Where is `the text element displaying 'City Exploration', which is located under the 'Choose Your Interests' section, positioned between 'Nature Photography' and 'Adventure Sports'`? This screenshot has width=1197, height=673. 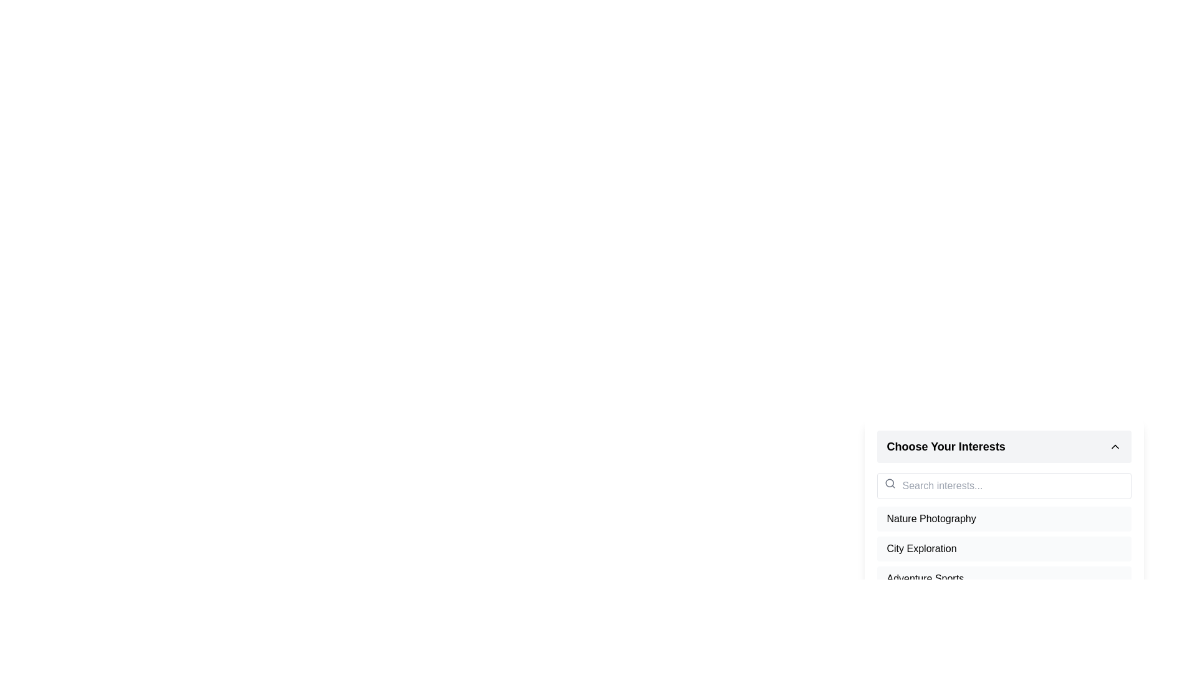 the text element displaying 'City Exploration', which is located under the 'Choose Your Interests' section, positioned between 'Nature Photography' and 'Adventure Sports' is located at coordinates (921, 548).